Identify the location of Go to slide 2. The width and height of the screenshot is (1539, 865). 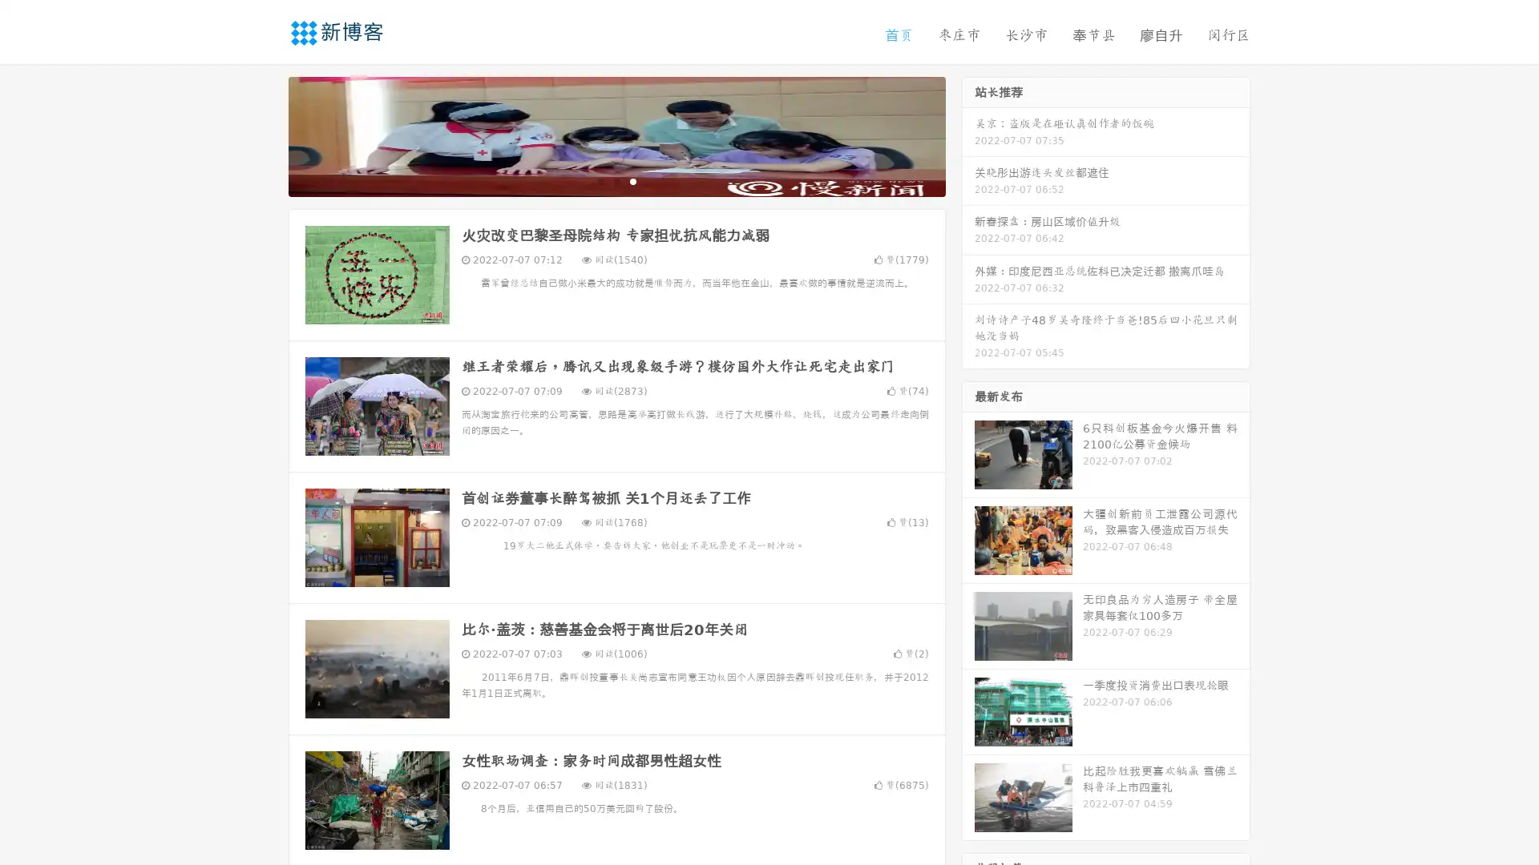
(616, 180).